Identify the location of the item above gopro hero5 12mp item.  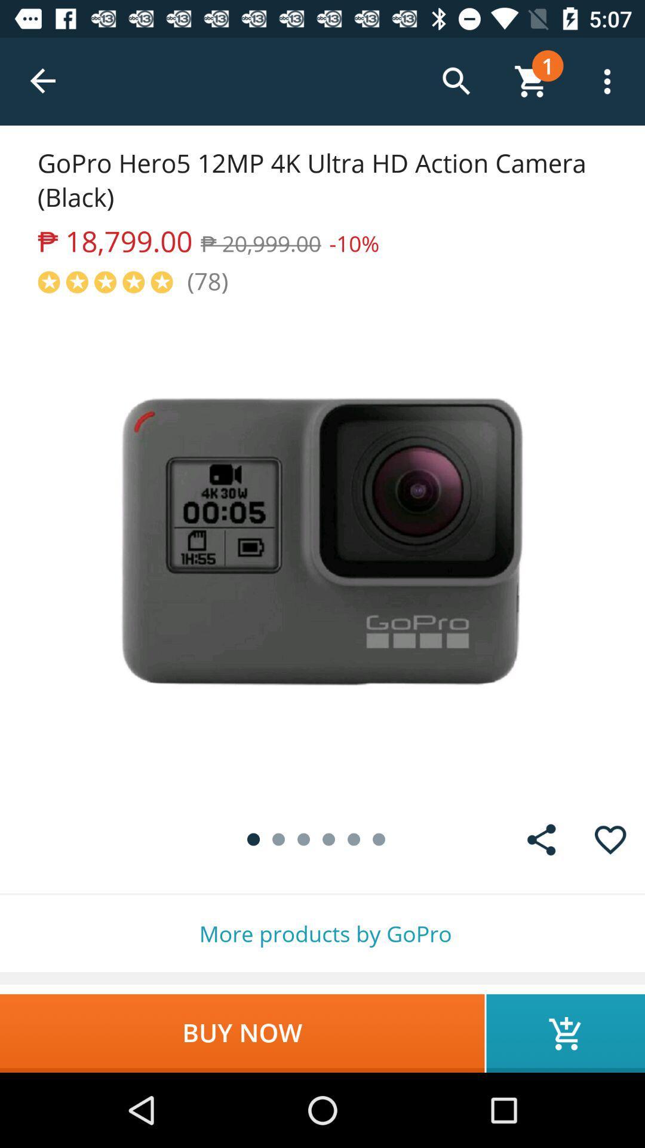
(43, 81).